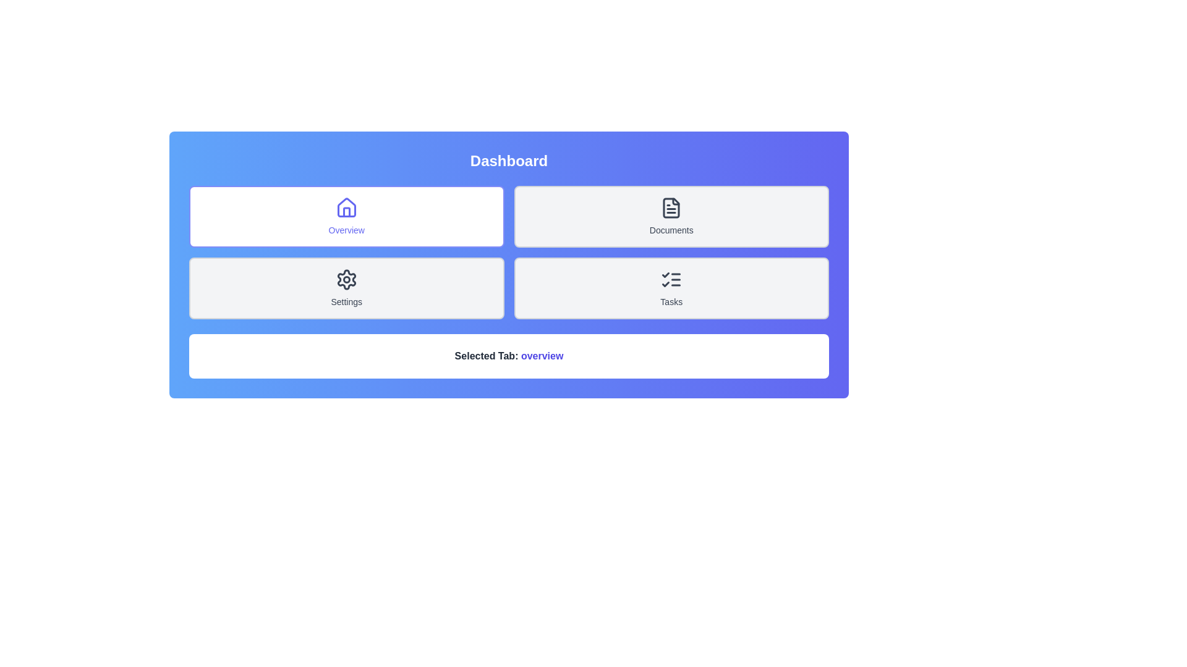  Describe the element at coordinates (346, 279) in the screenshot. I see `the gear icon in the Settings category to potentially access settings` at that location.